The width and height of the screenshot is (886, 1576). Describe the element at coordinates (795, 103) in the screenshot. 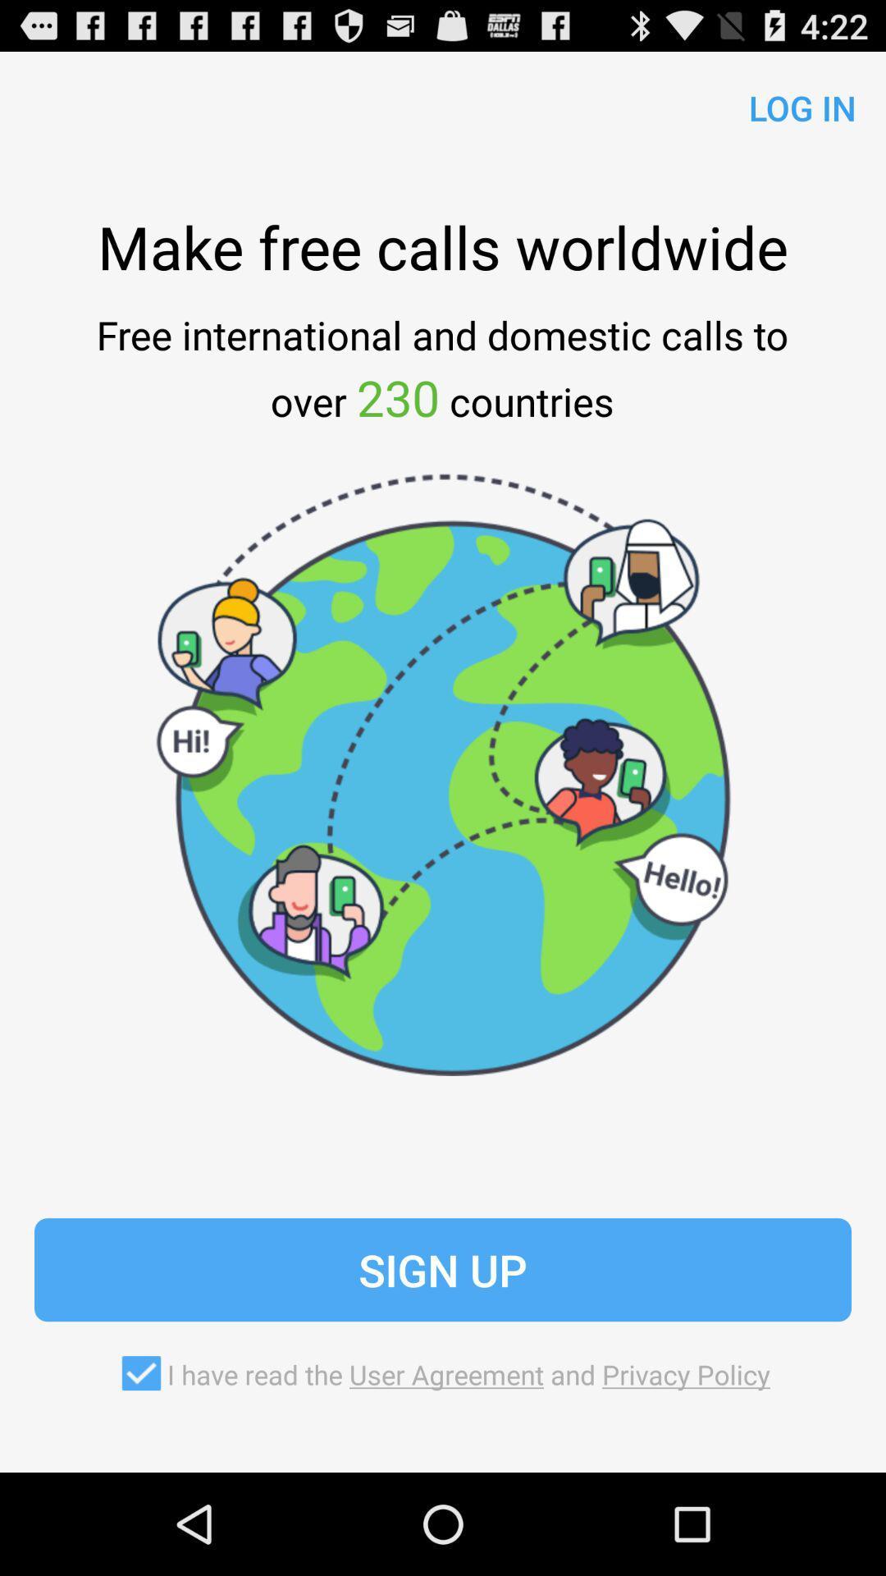

I see `item at the top right corner` at that location.